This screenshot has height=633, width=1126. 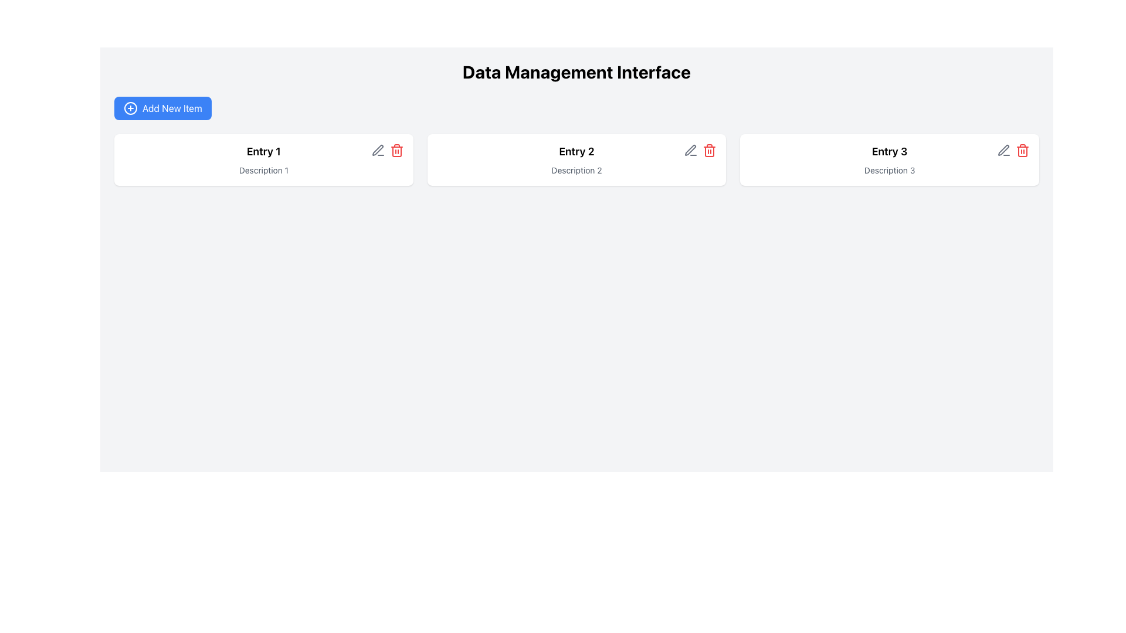 I want to click on the text header labeled 'Data Management Interface', which is large, bold, and centered at the top of the interface, so click(x=576, y=72).